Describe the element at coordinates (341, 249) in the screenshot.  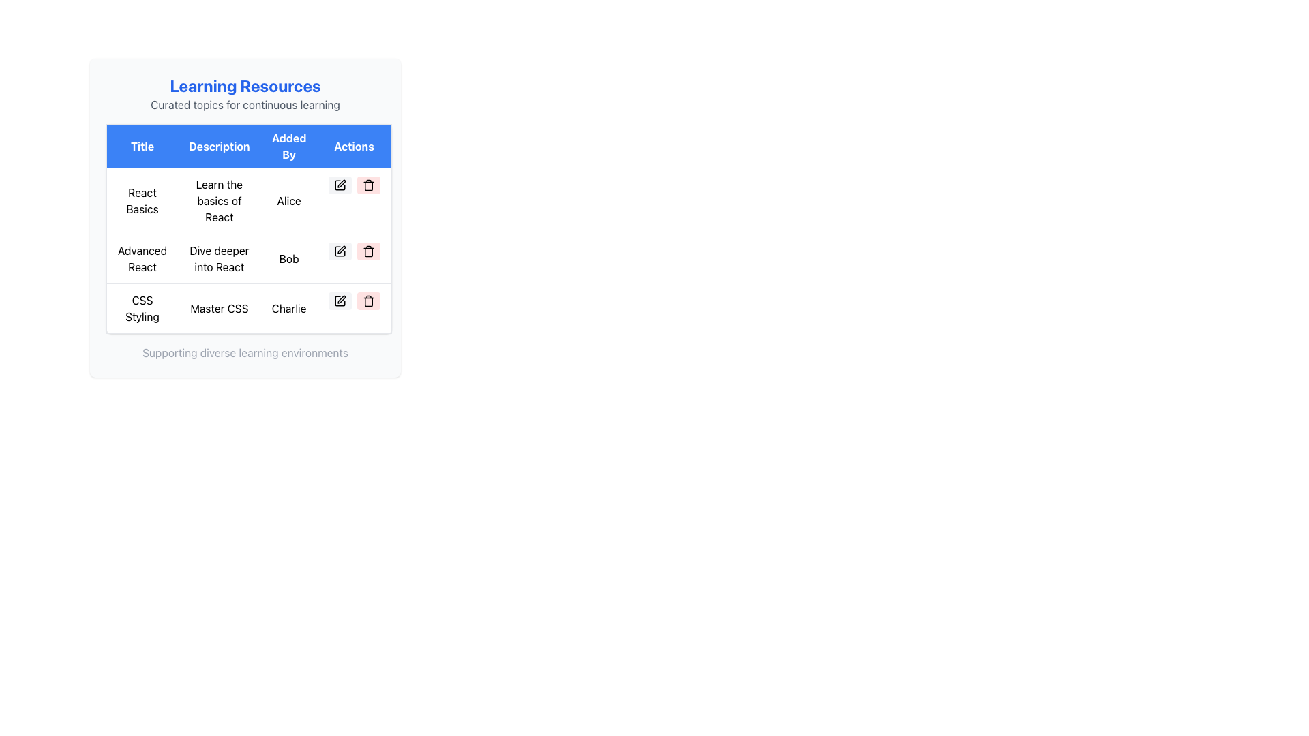
I see `the pen icon located in the Actions column of the Learning Resources table, specifically in the second row labeled 'Advanced React'` at that location.